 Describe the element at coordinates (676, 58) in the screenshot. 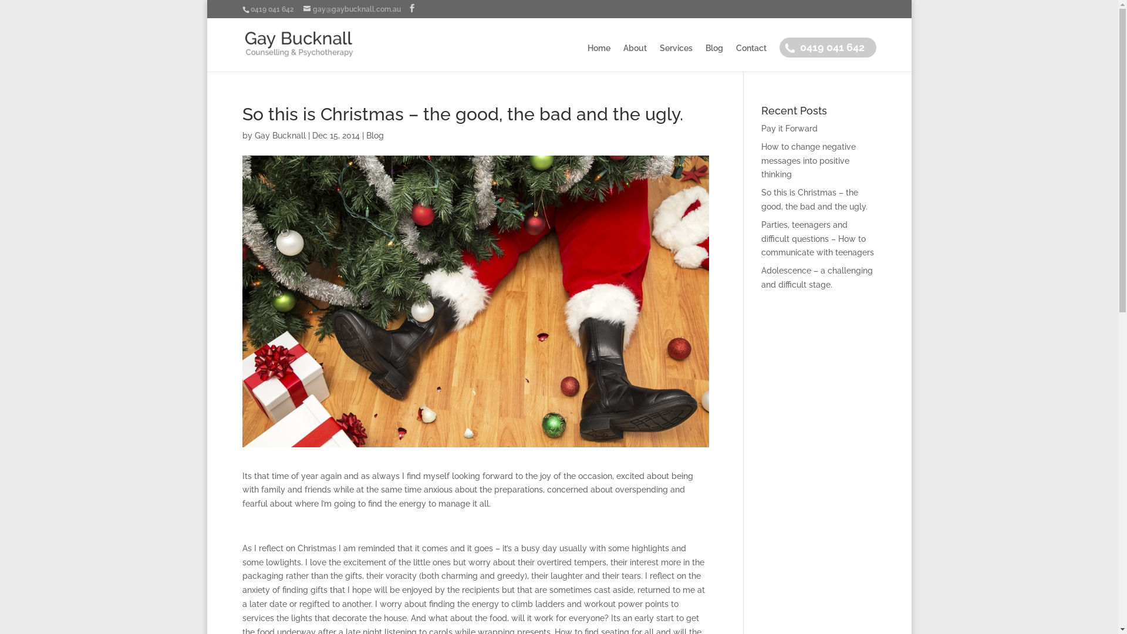

I see `'Services'` at that location.